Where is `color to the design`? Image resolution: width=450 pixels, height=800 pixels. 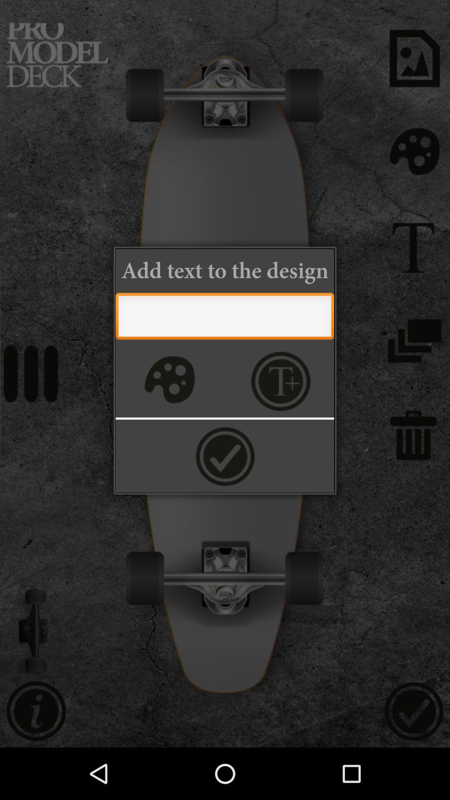
color to the design is located at coordinates (168, 380).